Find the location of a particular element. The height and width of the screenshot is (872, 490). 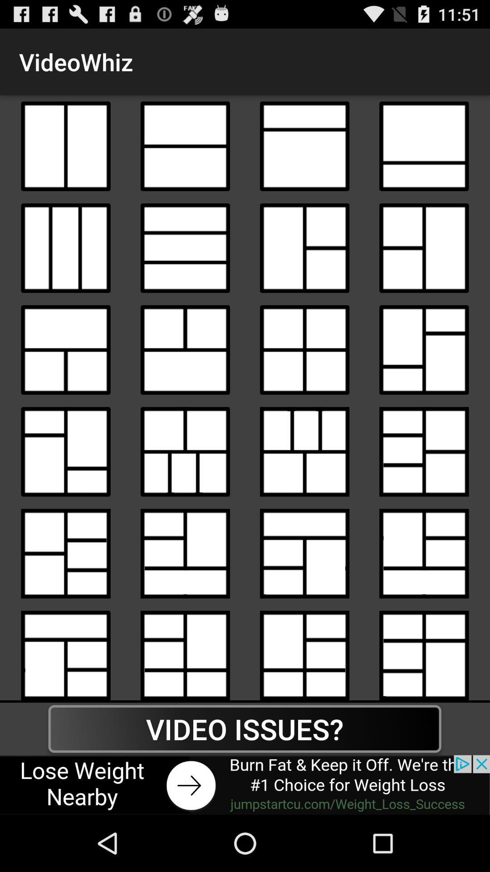

videowhiz icon is located at coordinates (185, 349).